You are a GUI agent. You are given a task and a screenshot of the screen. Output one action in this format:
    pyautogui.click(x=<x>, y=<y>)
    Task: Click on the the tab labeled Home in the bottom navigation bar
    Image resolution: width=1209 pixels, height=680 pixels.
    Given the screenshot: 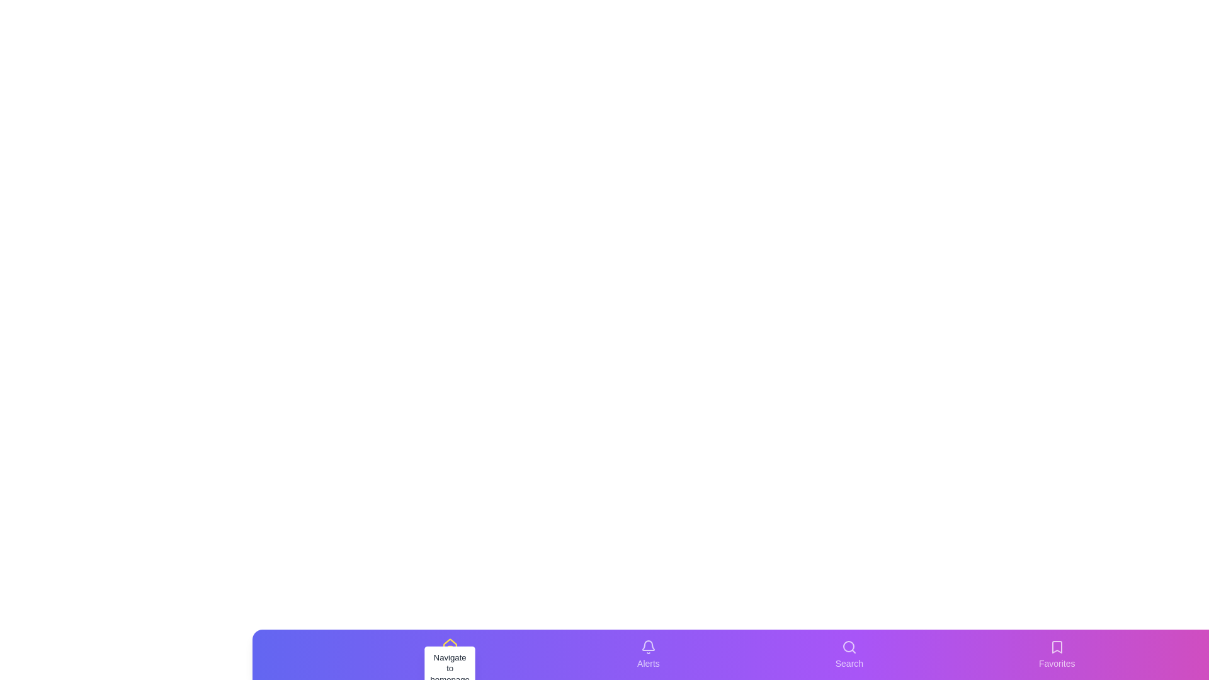 What is the action you would take?
    pyautogui.click(x=450, y=654)
    